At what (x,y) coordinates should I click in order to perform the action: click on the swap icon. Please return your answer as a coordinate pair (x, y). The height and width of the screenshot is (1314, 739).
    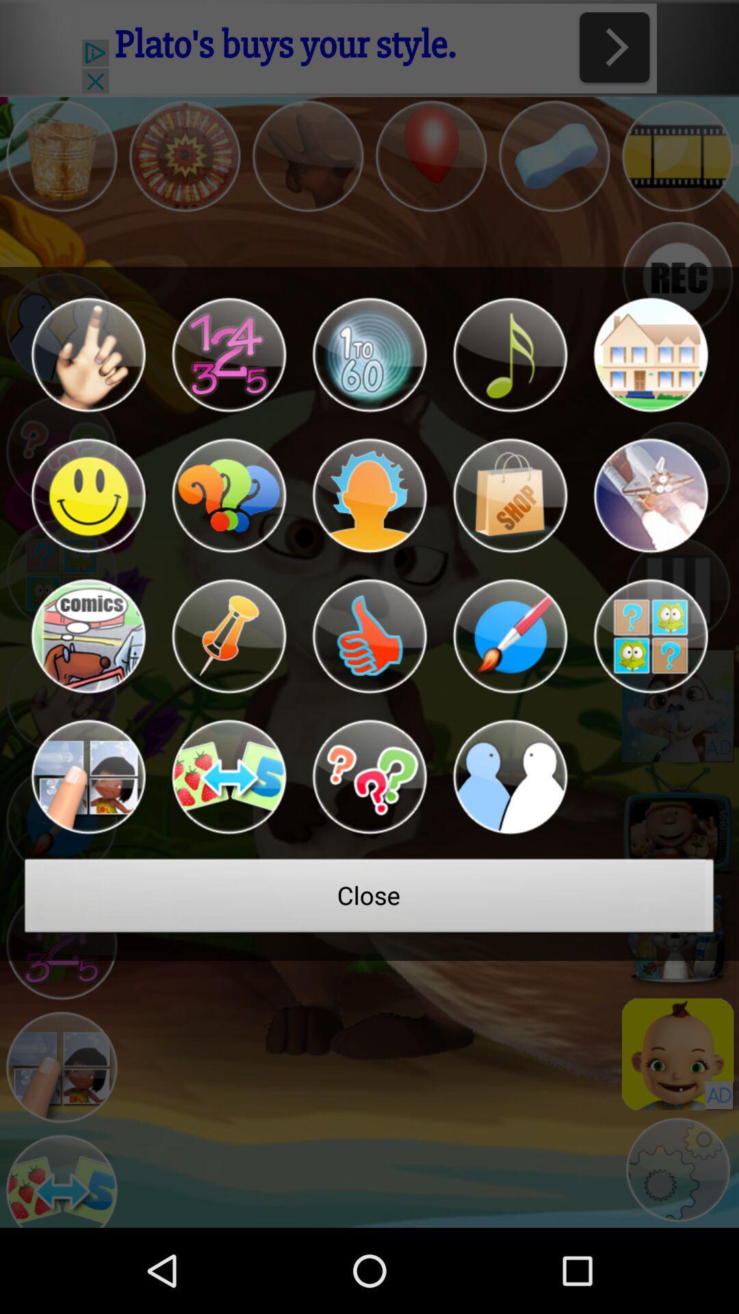
    Looking at the image, I should click on (228, 831).